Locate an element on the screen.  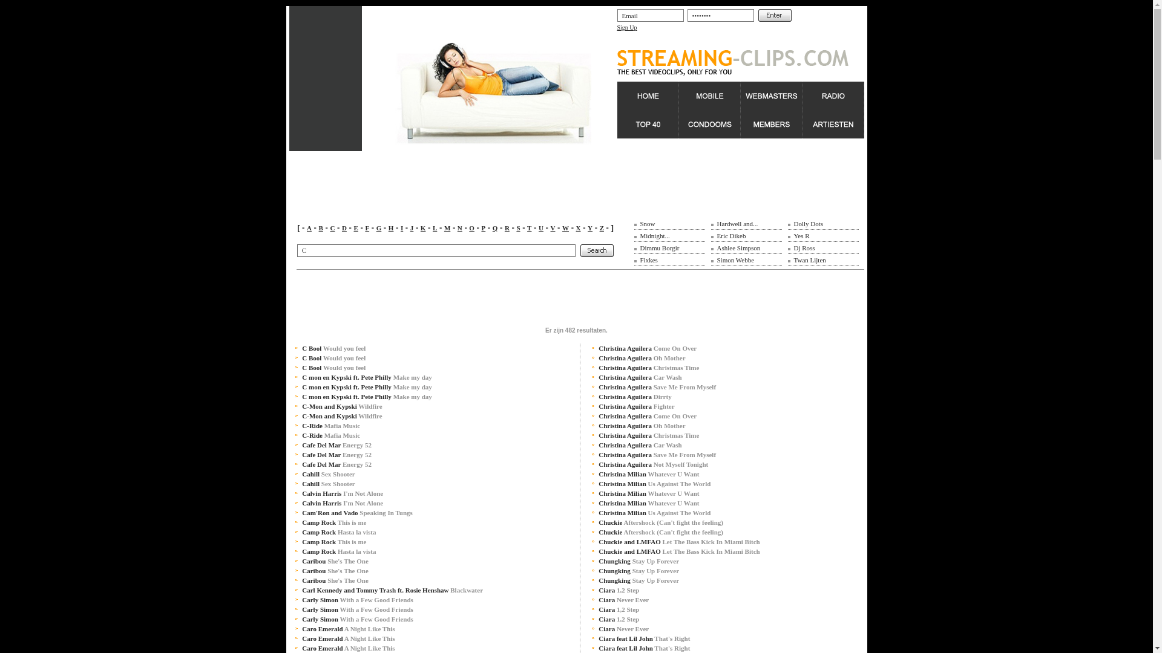
'Christina Aguilera Christmas Time' is located at coordinates (648, 435).